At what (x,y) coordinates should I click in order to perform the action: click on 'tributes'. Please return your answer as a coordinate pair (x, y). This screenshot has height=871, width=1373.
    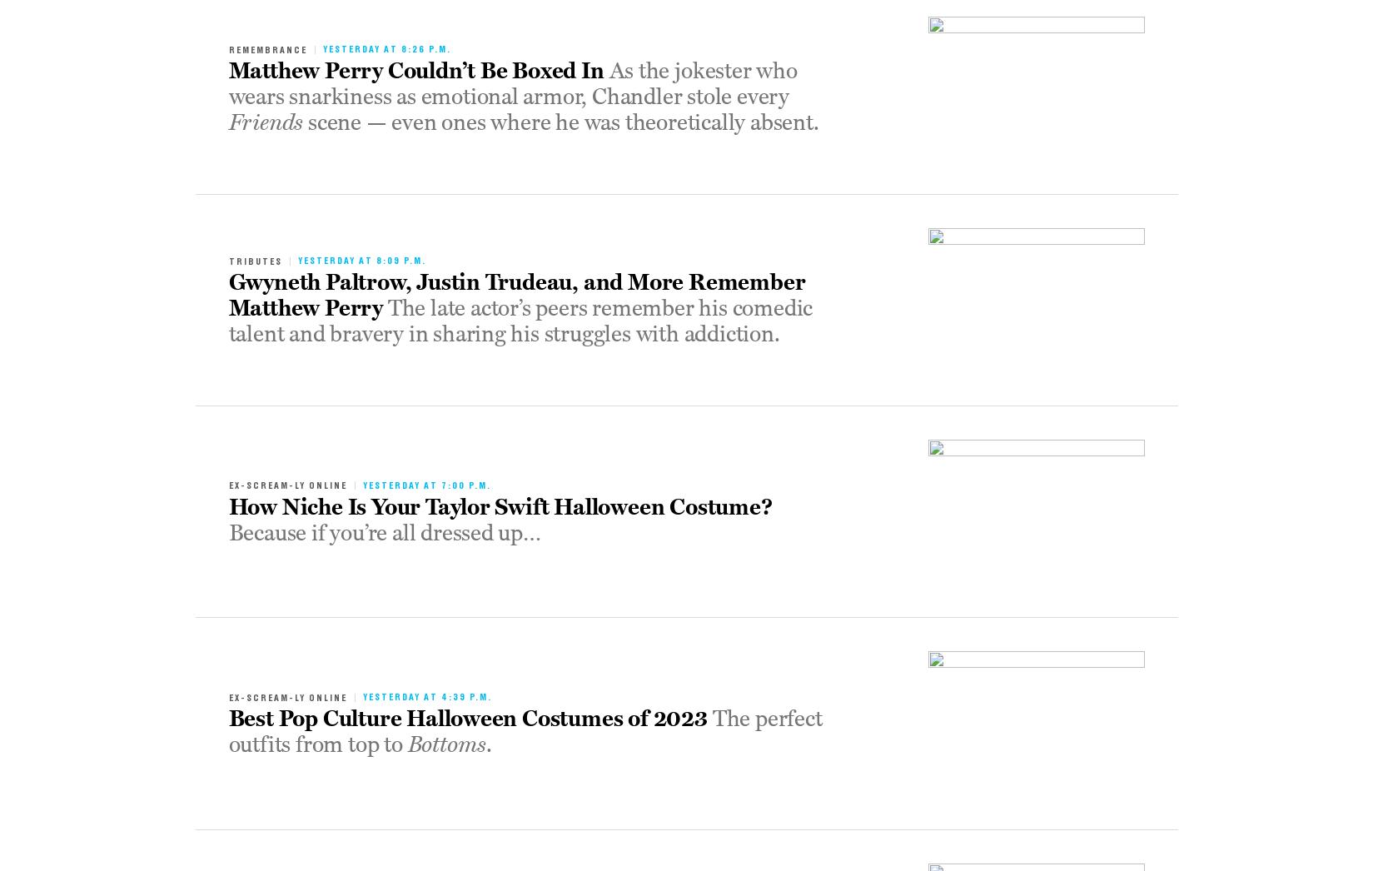
    Looking at the image, I should click on (228, 260).